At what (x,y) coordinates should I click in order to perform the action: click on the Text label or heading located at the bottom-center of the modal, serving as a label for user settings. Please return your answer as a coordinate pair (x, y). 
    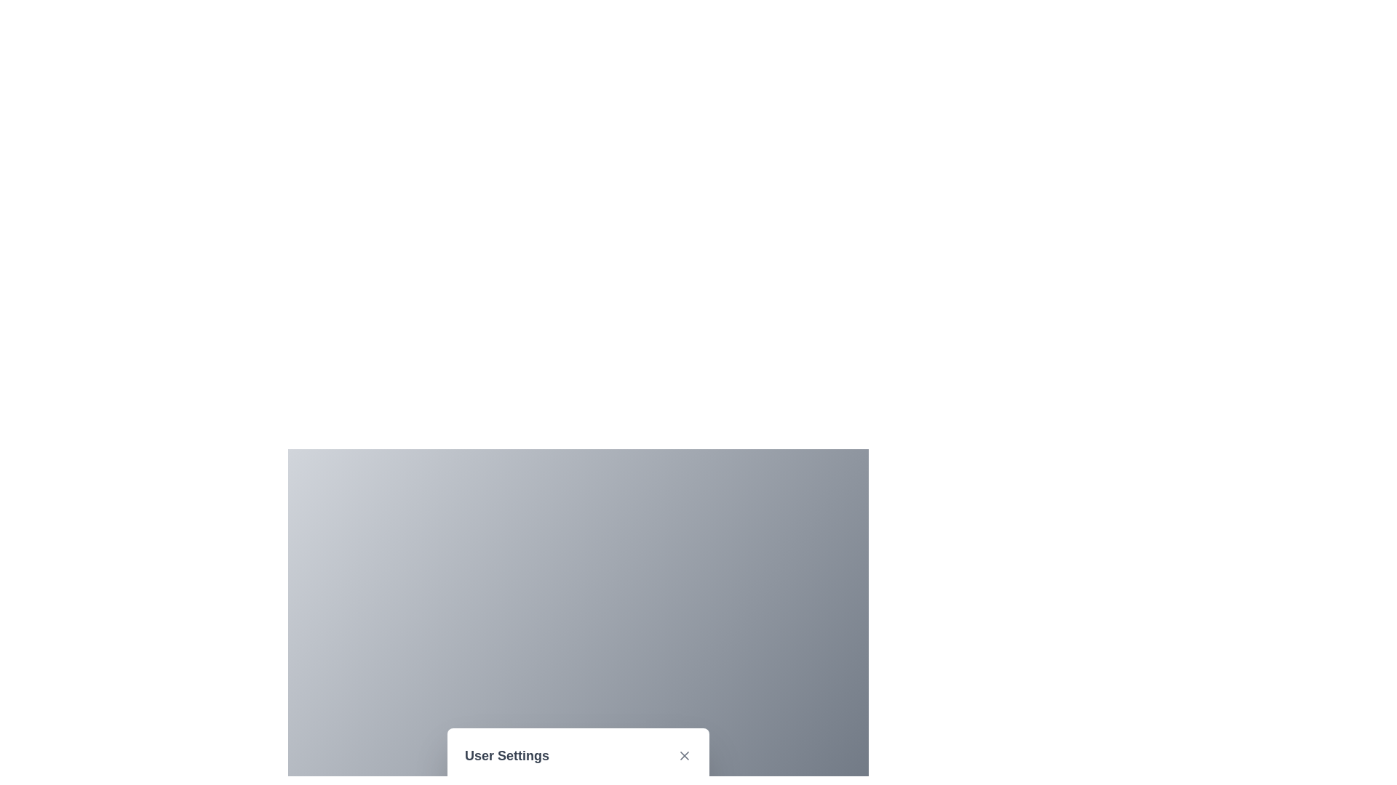
    Looking at the image, I should click on (506, 755).